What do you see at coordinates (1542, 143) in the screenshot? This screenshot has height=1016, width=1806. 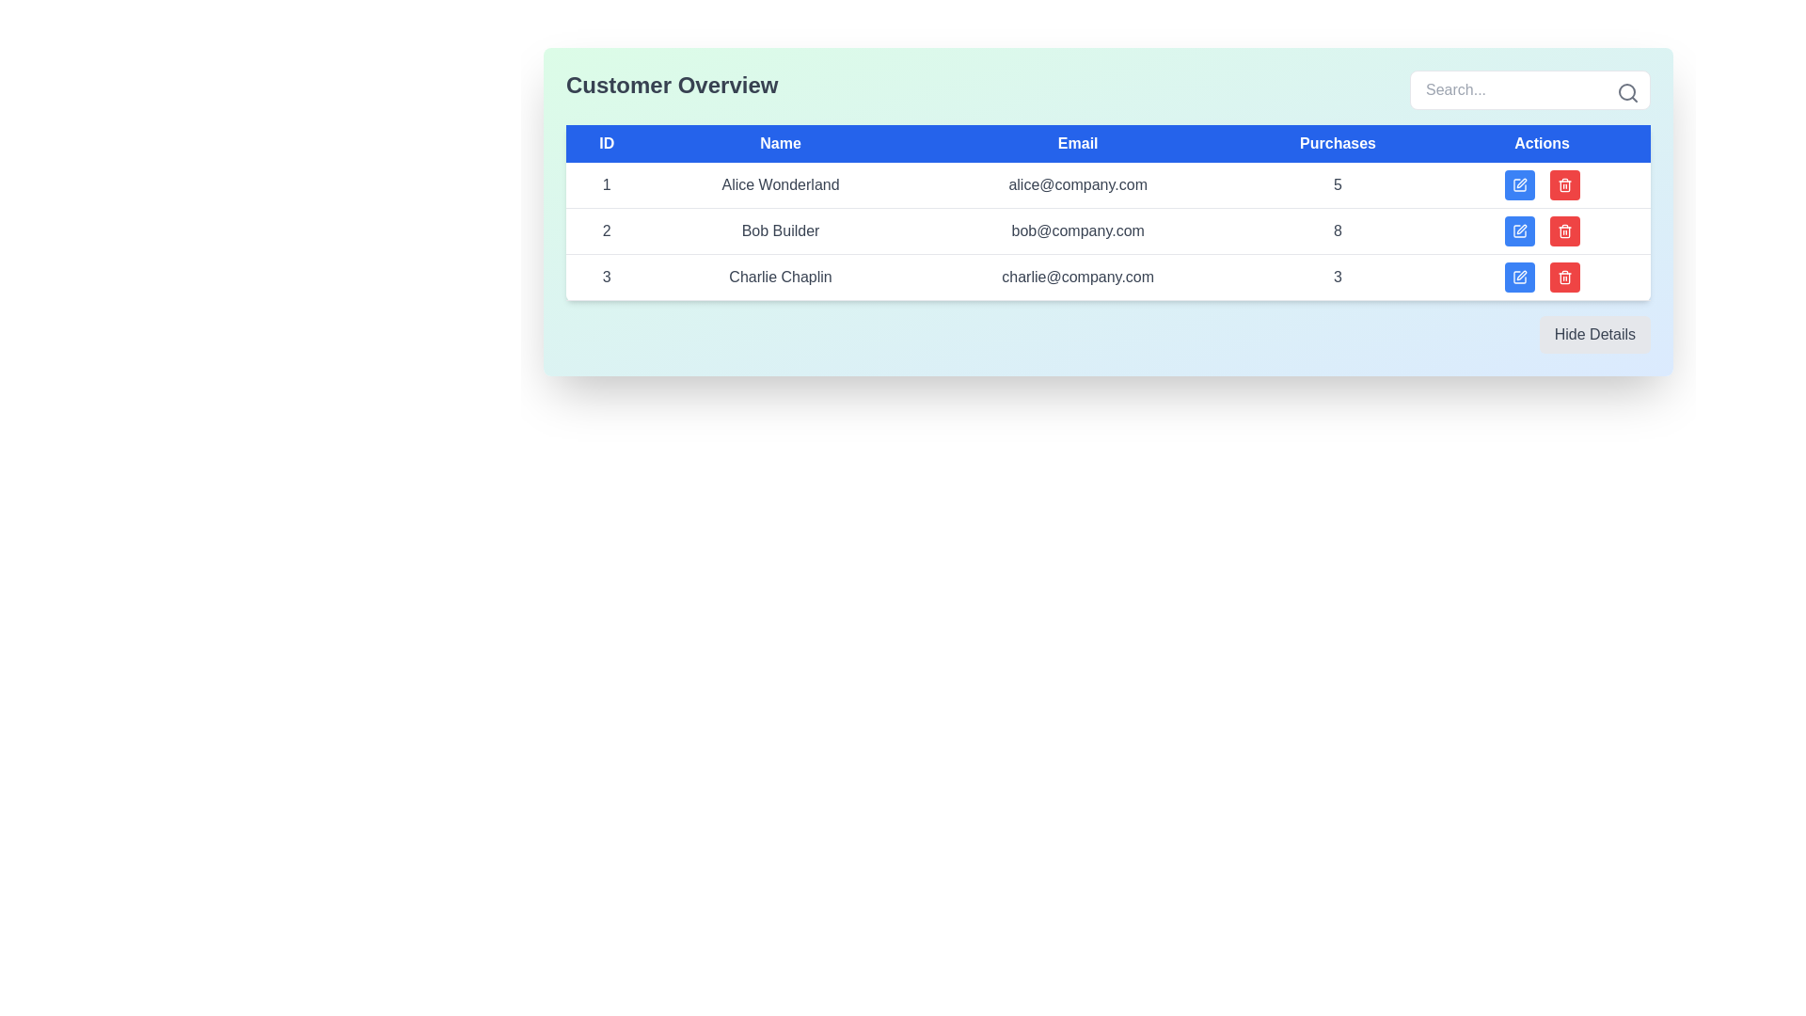 I see `the blue rectangular table header cell labeled 'Actions' located at the far right of the header row in the table` at bounding box center [1542, 143].